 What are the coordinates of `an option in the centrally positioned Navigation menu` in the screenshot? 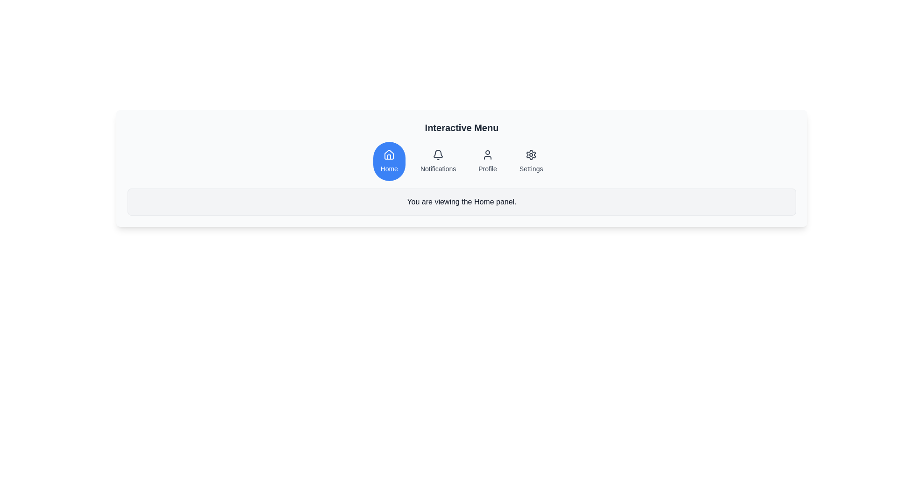 It's located at (462, 161).